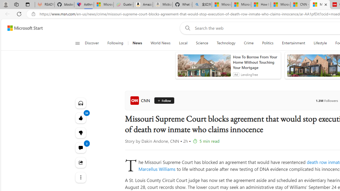 Image resolution: width=340 pixels, height=191 pixels. I want to click on 'Web search', so click(186, 28).